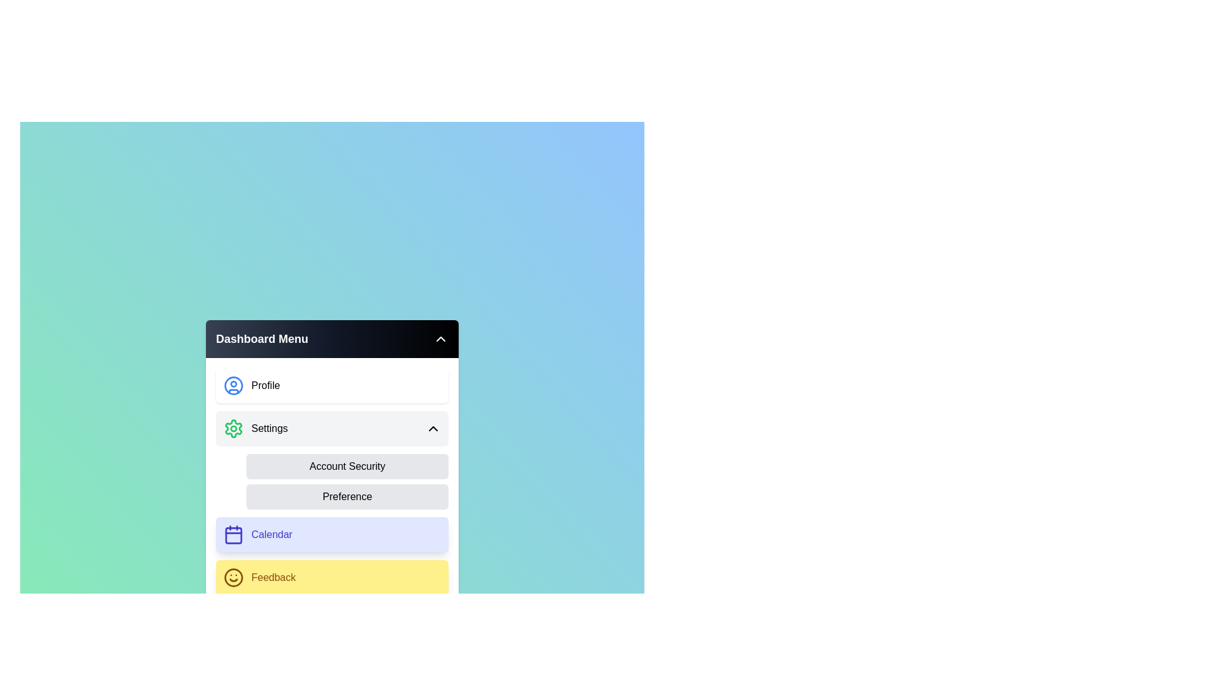 Image resolution: width=1213 pixels, height=682 pixels. I want to click on the 'Preference' button, which is the bottom button of a vertical pair of interactive buttons labeled 'Account Security' and 'Preference' within the 'Settings' drop-down section, so click(347, 482).